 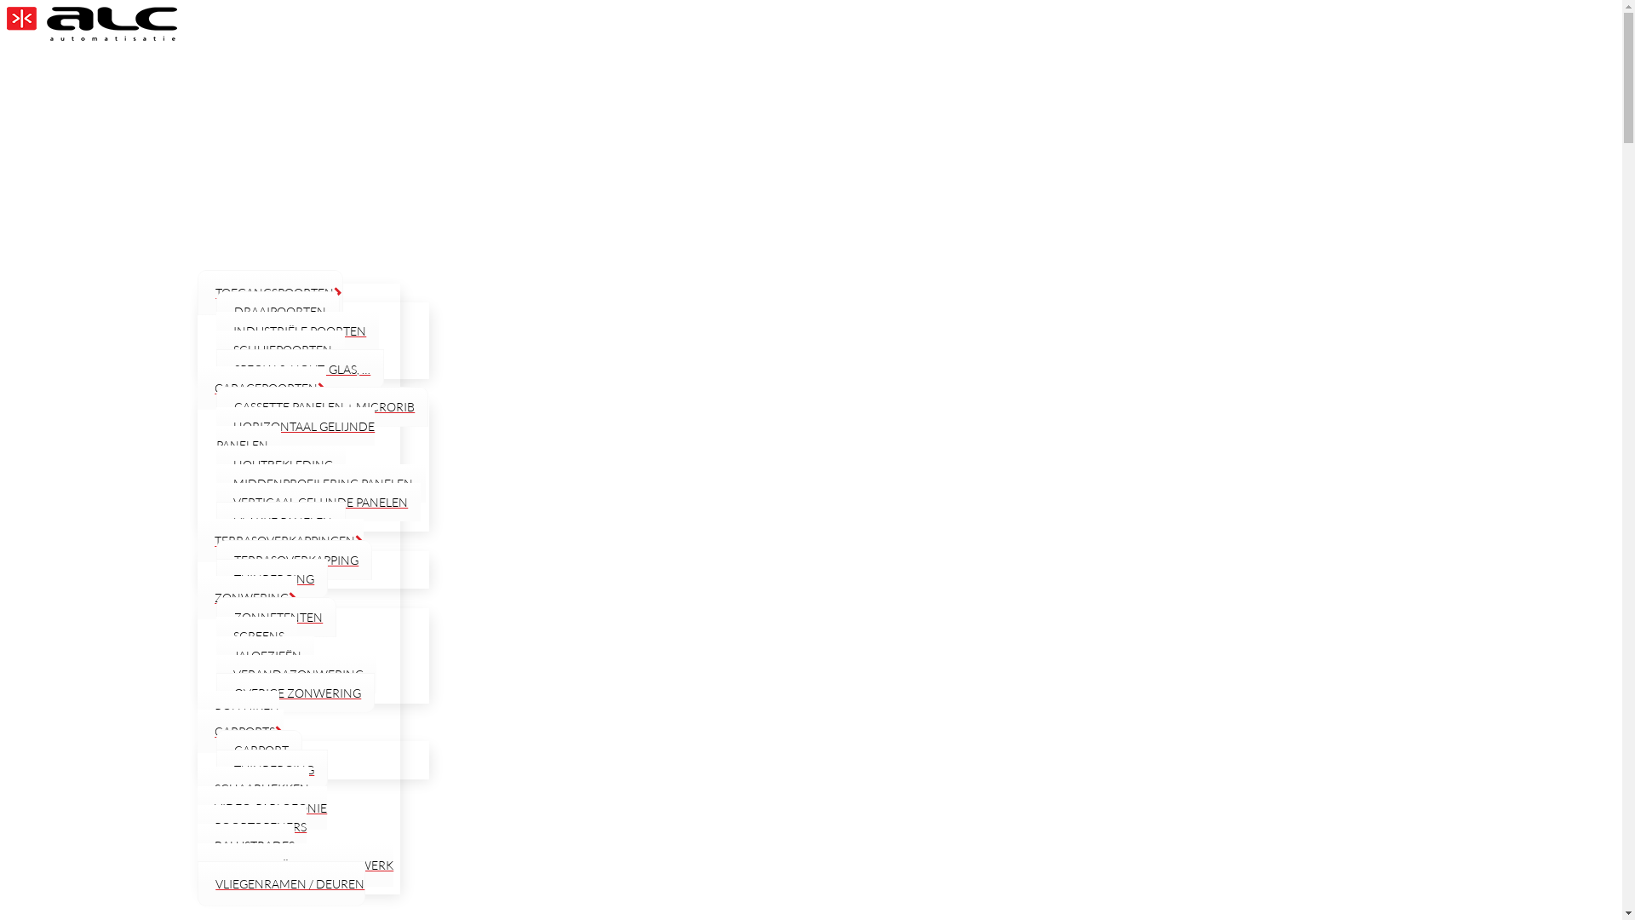 What do you see at coordinates (321, 483) in the screenshot?
I see `'MIDDENPROFILERING PANELEN'` at bounding box center [321, 483].